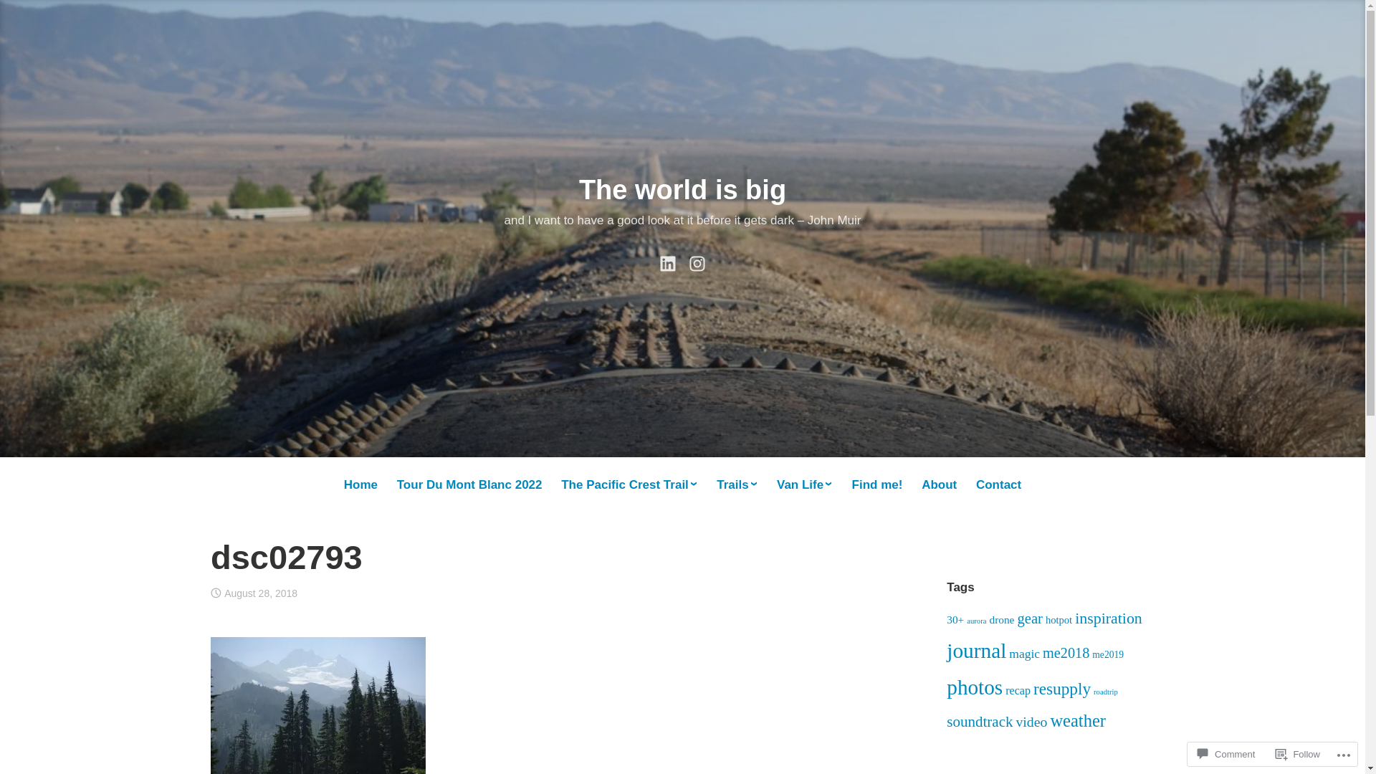 Image resolution: width=1376 pixels, height=774 pixels. What do you see at coordinates (973, 484) in the screenshot?
I see `'Contact'` at bounding box center [973, 484].